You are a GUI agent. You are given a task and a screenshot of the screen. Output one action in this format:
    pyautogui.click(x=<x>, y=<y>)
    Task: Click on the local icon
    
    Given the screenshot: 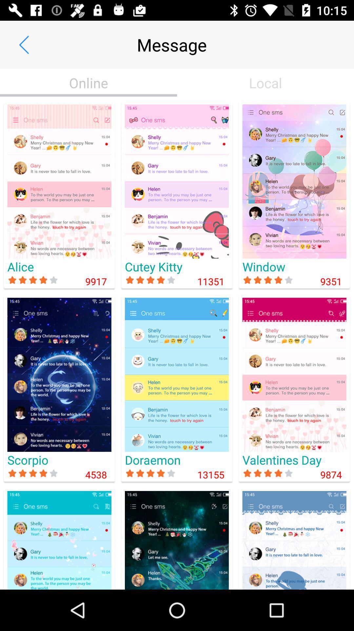 What is the action you would take?
    pyautogui.click(x=265, y=82)
    